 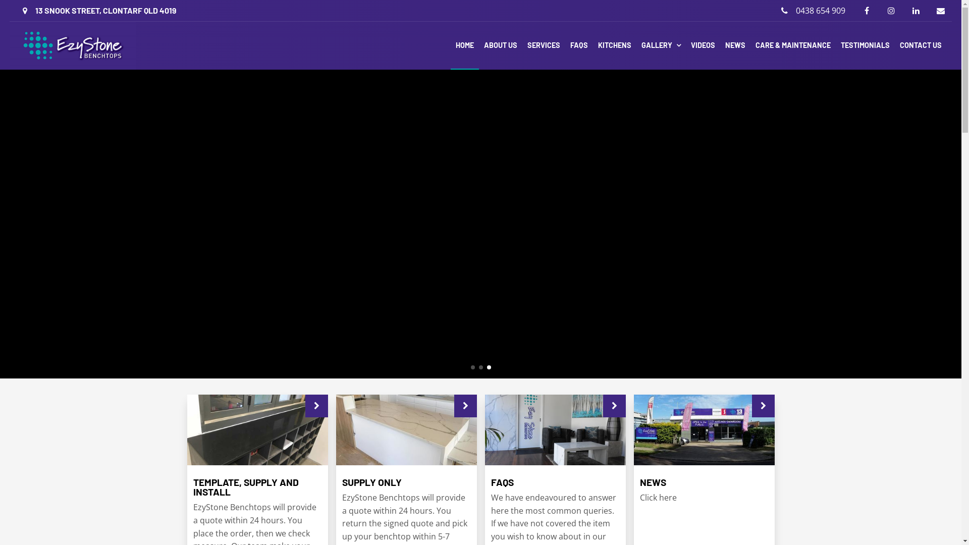 What do you see at coordinates (501, 45) in the screenshot?
I see `'ABOUT US'` at bounding box center [501, 45].